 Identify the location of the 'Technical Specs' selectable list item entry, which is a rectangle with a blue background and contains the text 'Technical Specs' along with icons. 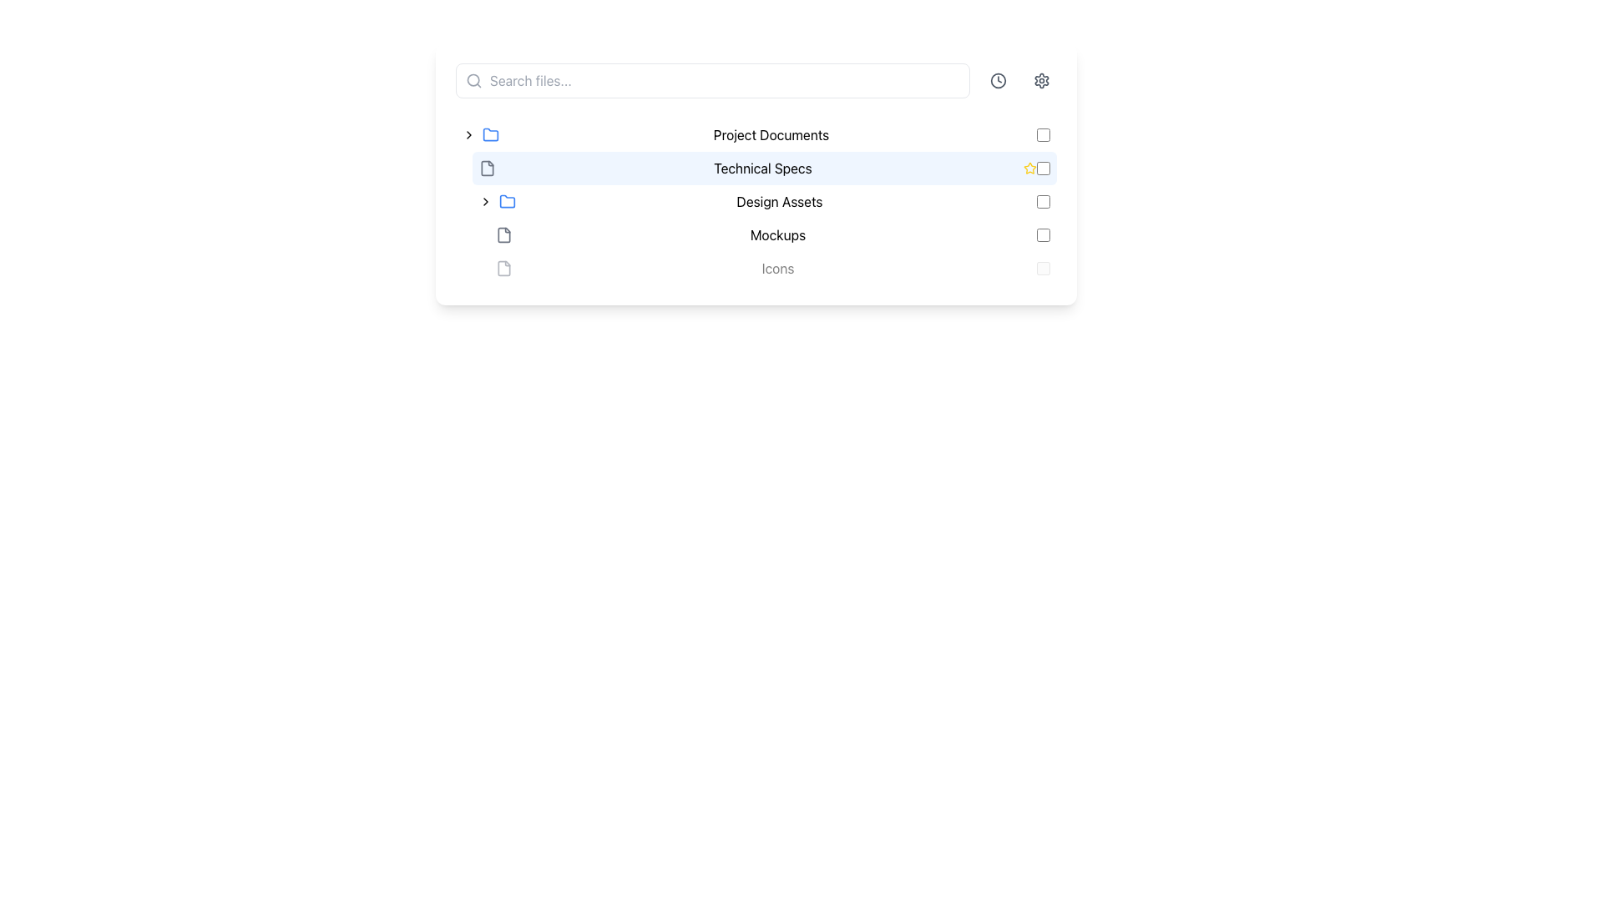
(756, 174).